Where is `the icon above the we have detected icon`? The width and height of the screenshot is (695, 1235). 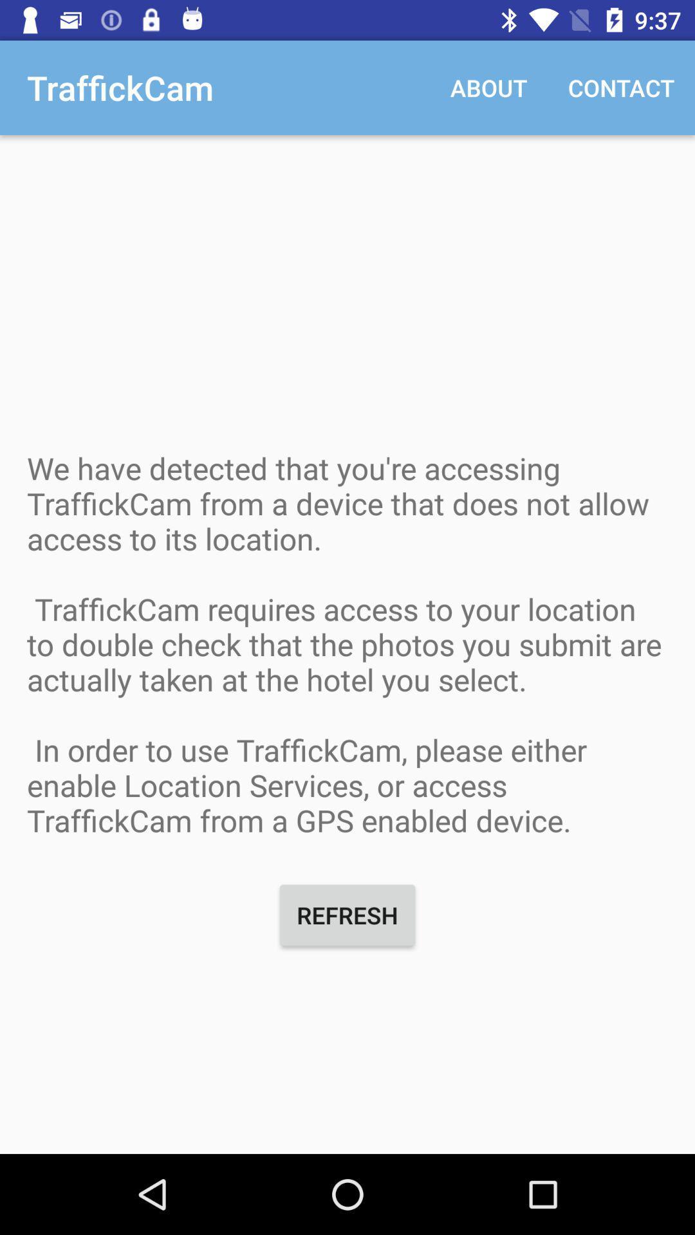 the icon above the we have detected icon is located at coordinates (488, 87).